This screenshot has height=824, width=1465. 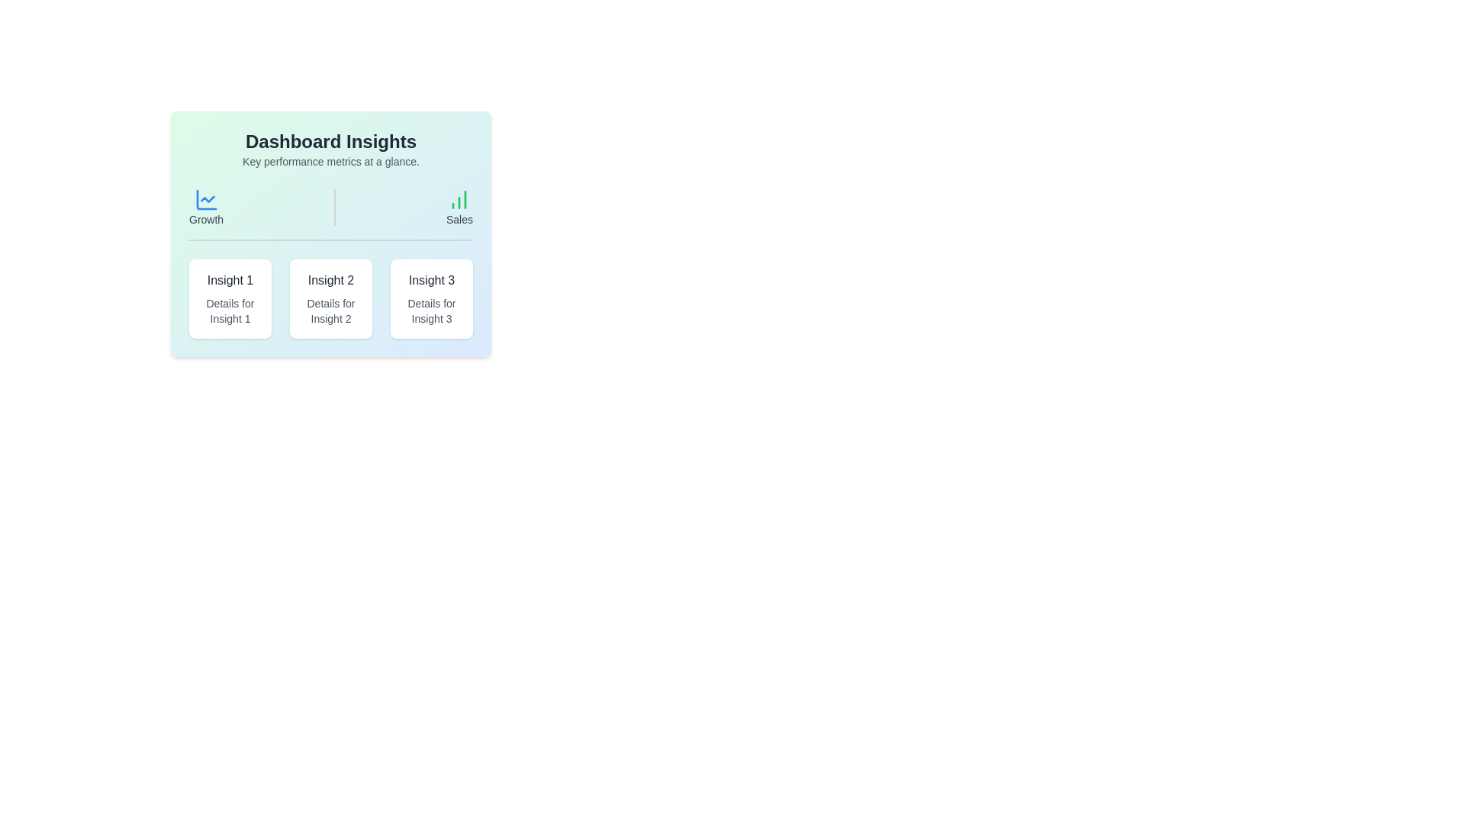 I want to click on static text label providing details about 'Insight 2', which is located immediately below the primary text 'Insight 2' in the center card under 'Dashboard Insights', so click(x=330, y=311).